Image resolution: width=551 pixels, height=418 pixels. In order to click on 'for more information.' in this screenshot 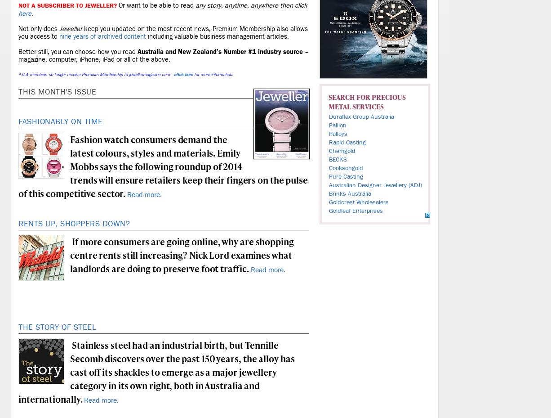, I will do `click(213, 75)`.